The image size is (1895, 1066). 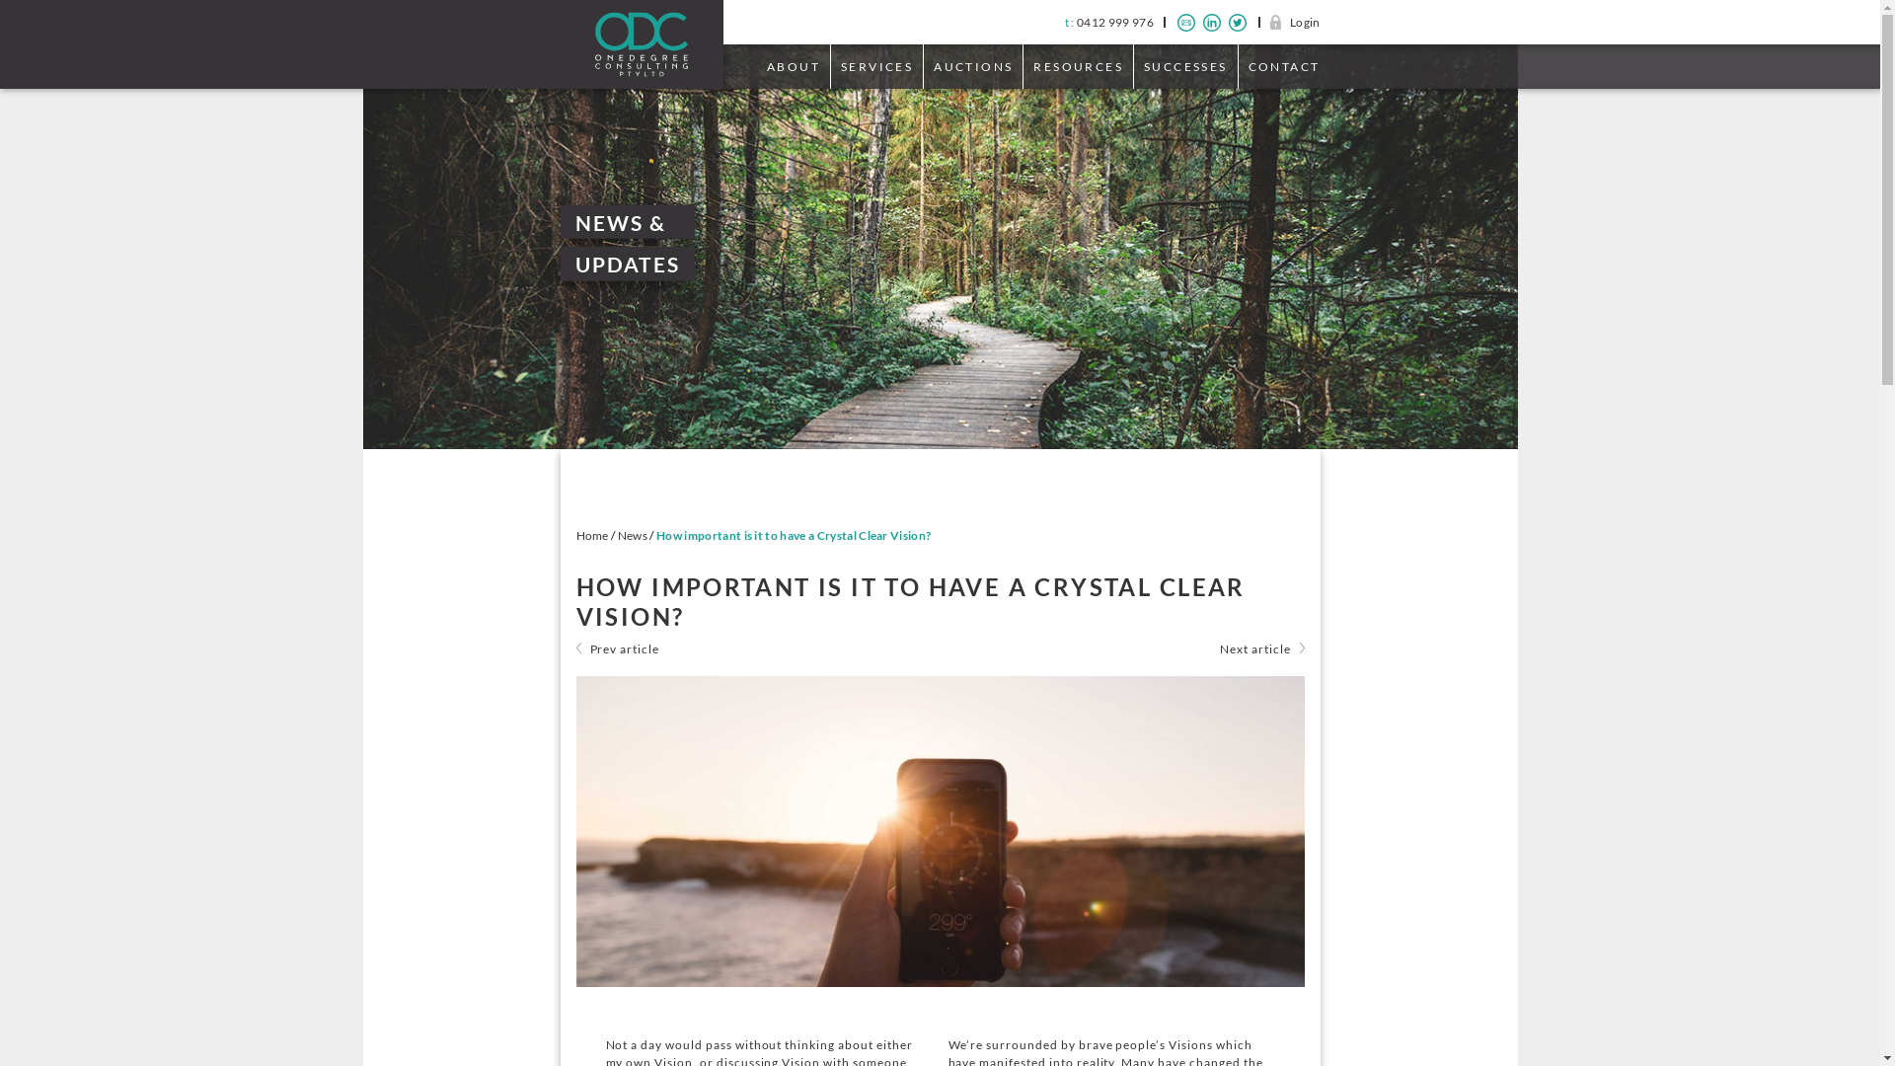 What do you see at coordinates (575, 535) in the screenshot?
I see `'Home'` at bounding box center [575, 535].